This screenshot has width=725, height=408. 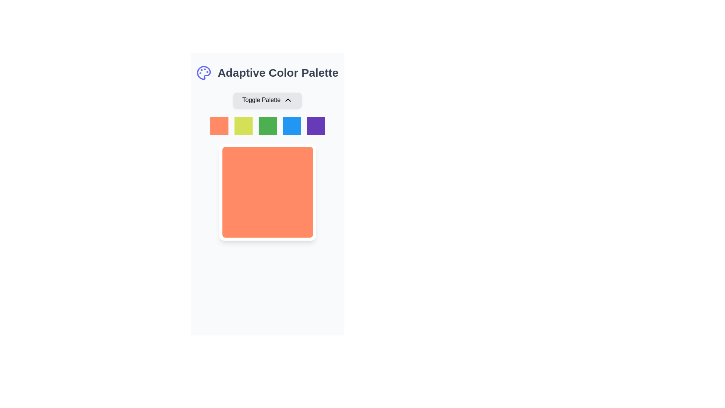 What do you see at coordinates (243, 125) in the screenshot?
I see `the yellow-green selectable color swatch located second from the left in the Adaptive Color Palette section for detailed actions` at bounding box center [243, 125].